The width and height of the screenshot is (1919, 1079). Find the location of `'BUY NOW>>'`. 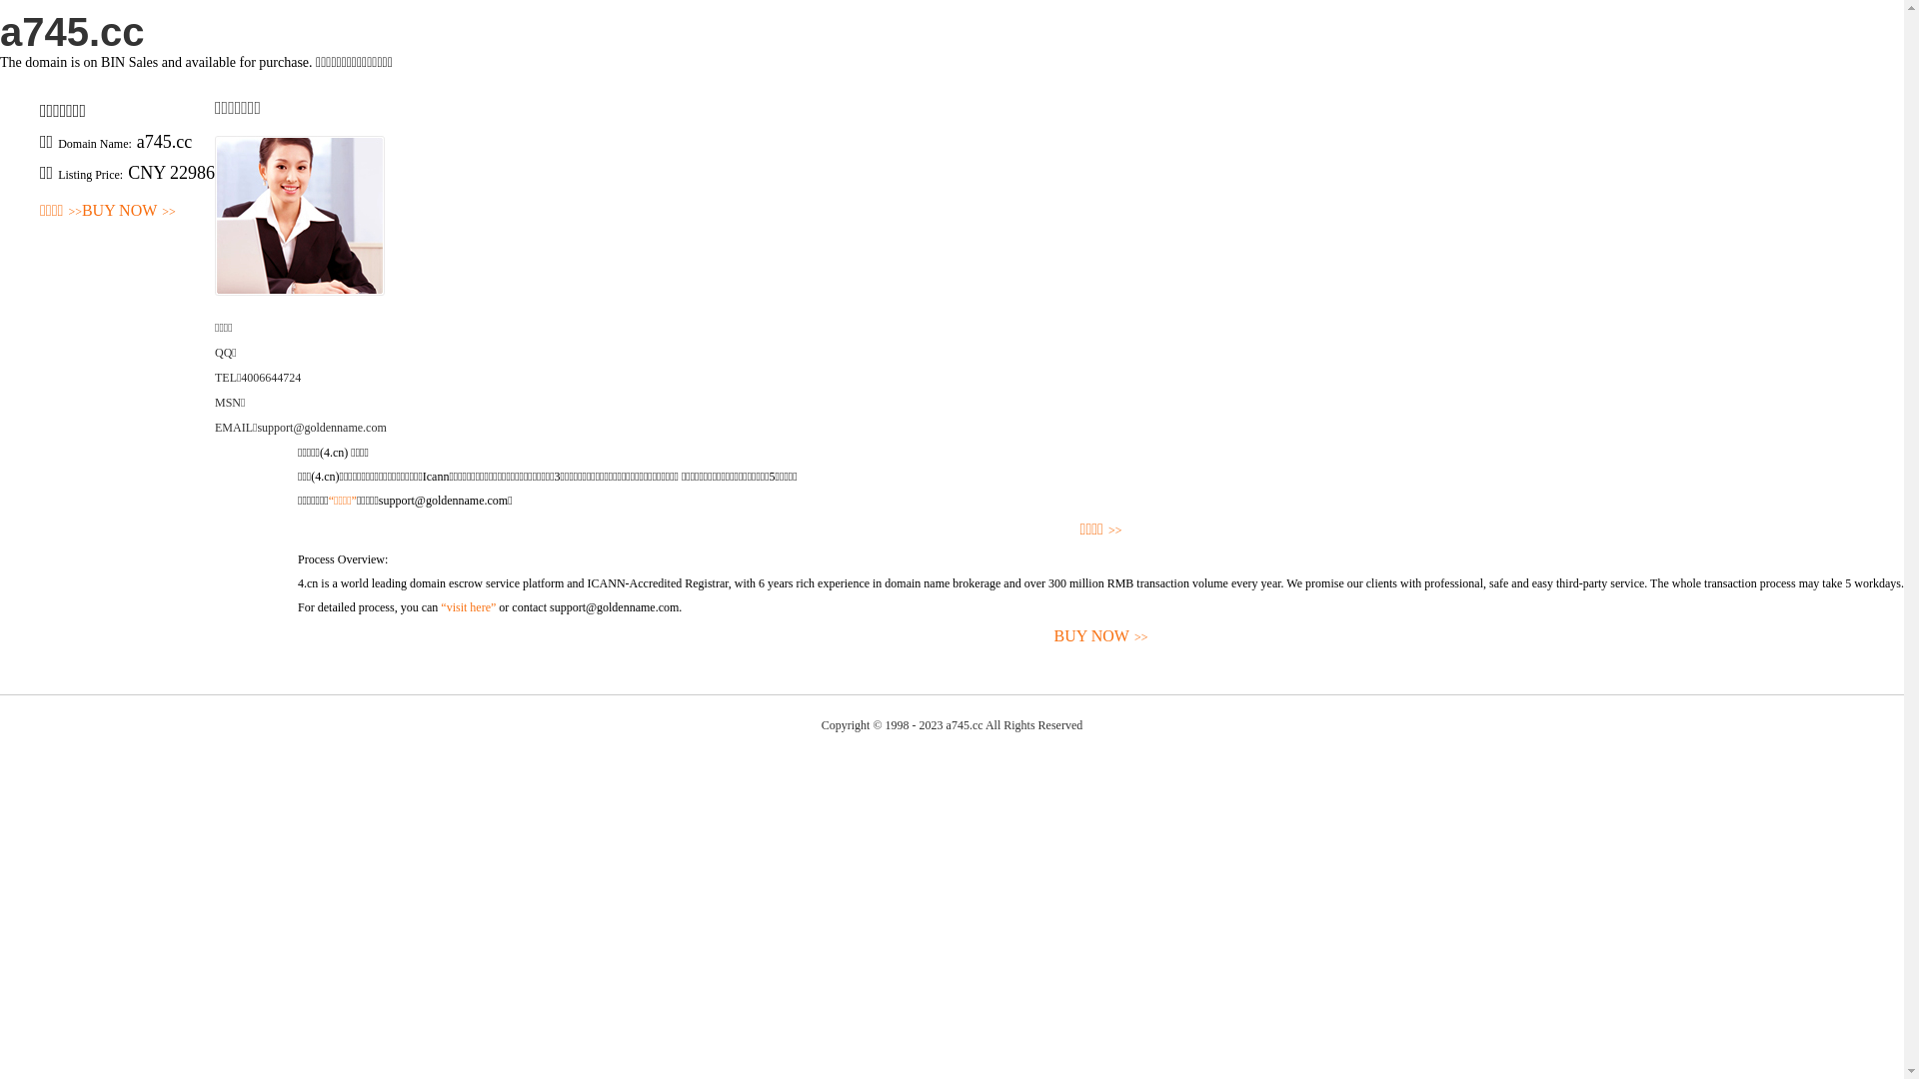

'BUY NOW>>' is located at coordinates (1099, 636).